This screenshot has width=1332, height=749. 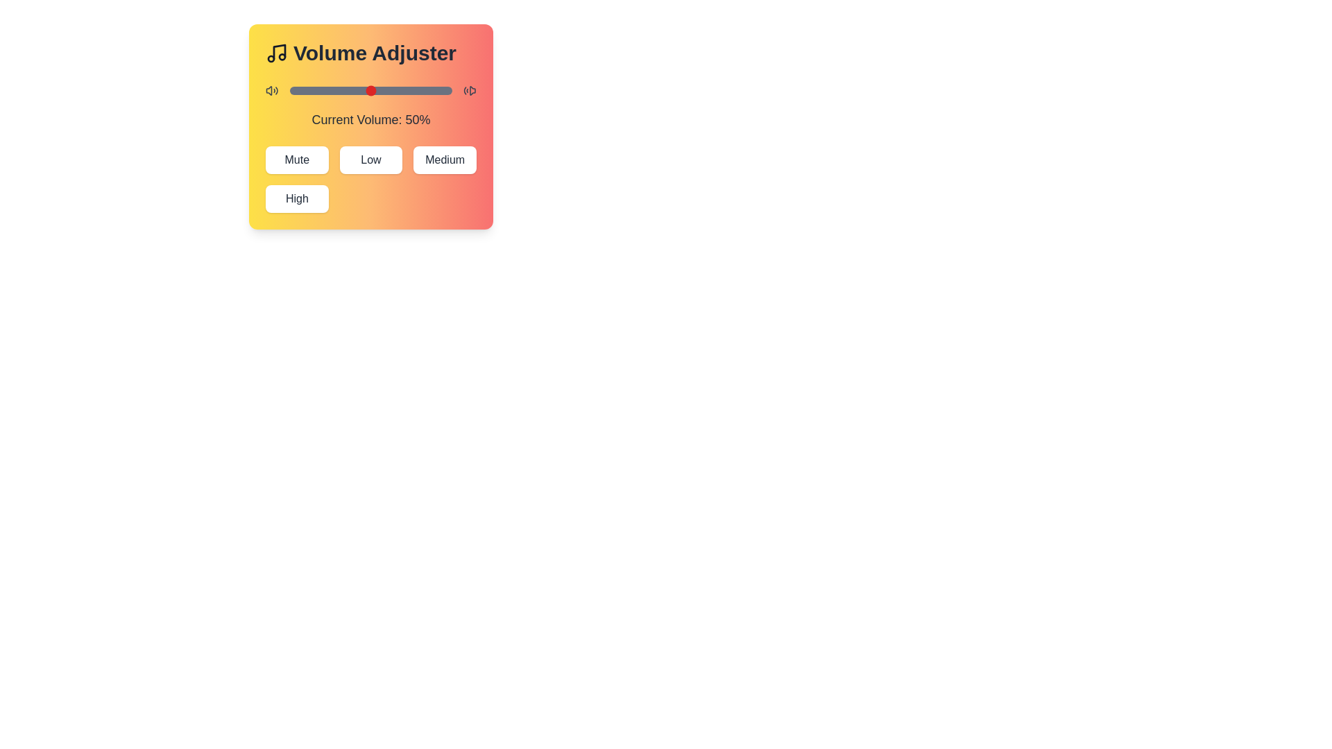 What do you see at coordinates (276, 53) in the screenshot?
I see `the decorative icon music_note` at bounding box center [276, 53].